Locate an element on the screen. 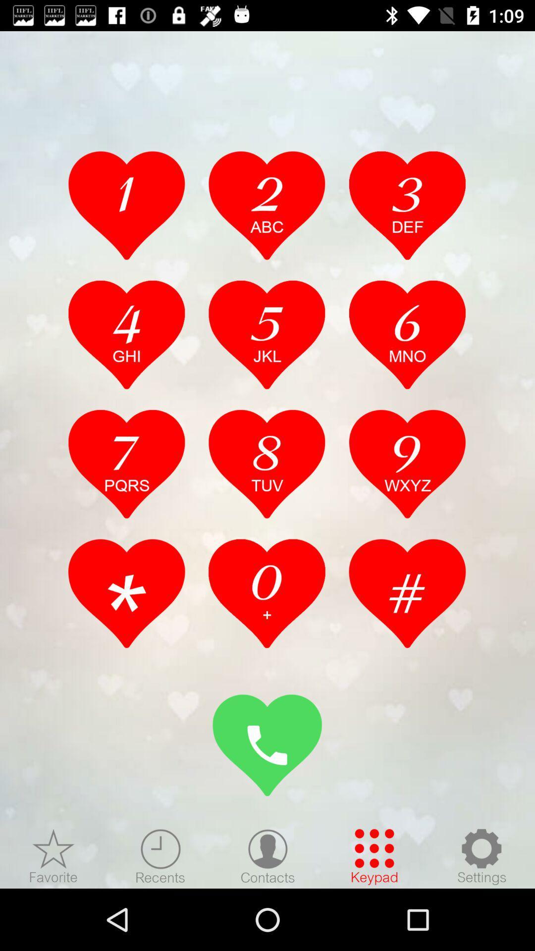  dial 7 is located at coordinates (126, 463).